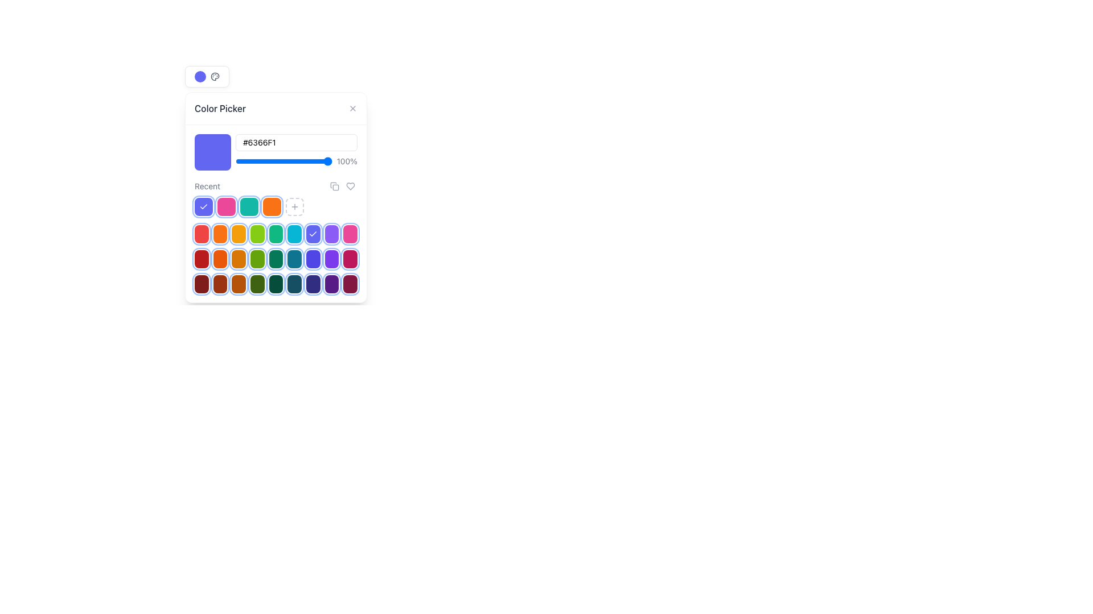 The height and width of the screenshot is (614, 1093). What do you see at coordinates (295, 206) in the screenshot?
I see `the small plus icon button, which is styled with thin strokes inside a dashed circle` at bounding box center [295, 206].